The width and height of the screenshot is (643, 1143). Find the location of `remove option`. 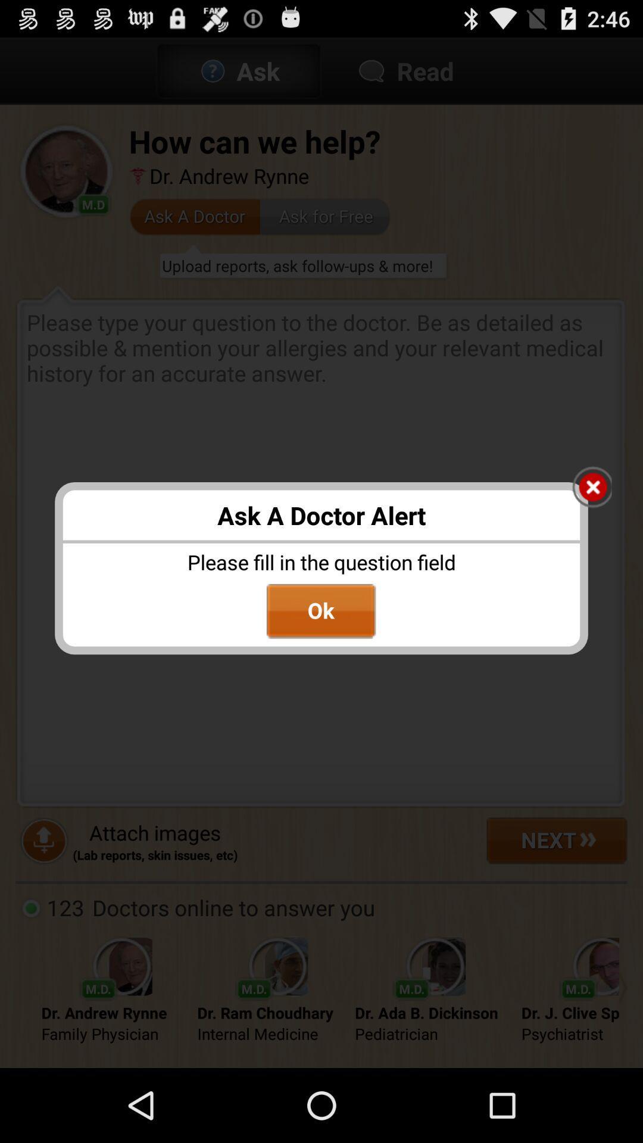

remove option is located at coordinates (592, 488).